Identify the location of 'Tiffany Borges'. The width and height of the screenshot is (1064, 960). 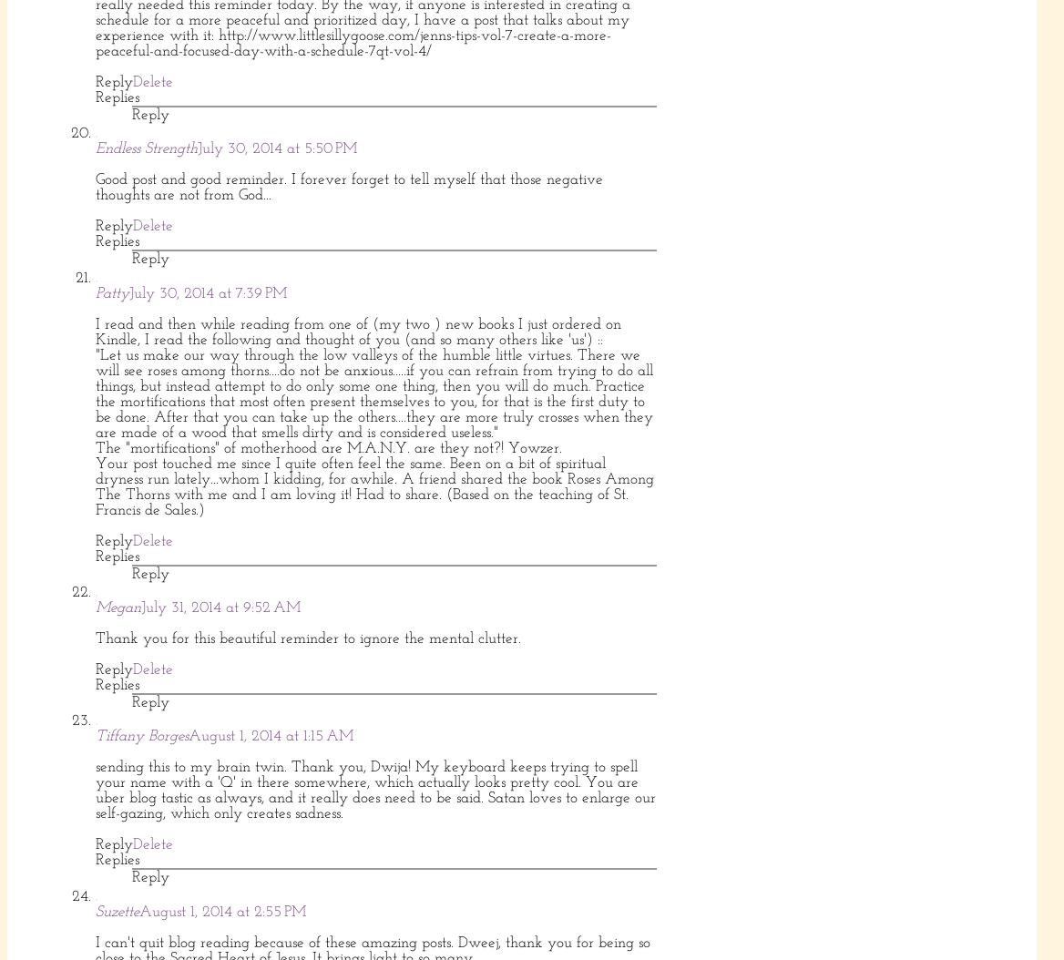
(142, 735).